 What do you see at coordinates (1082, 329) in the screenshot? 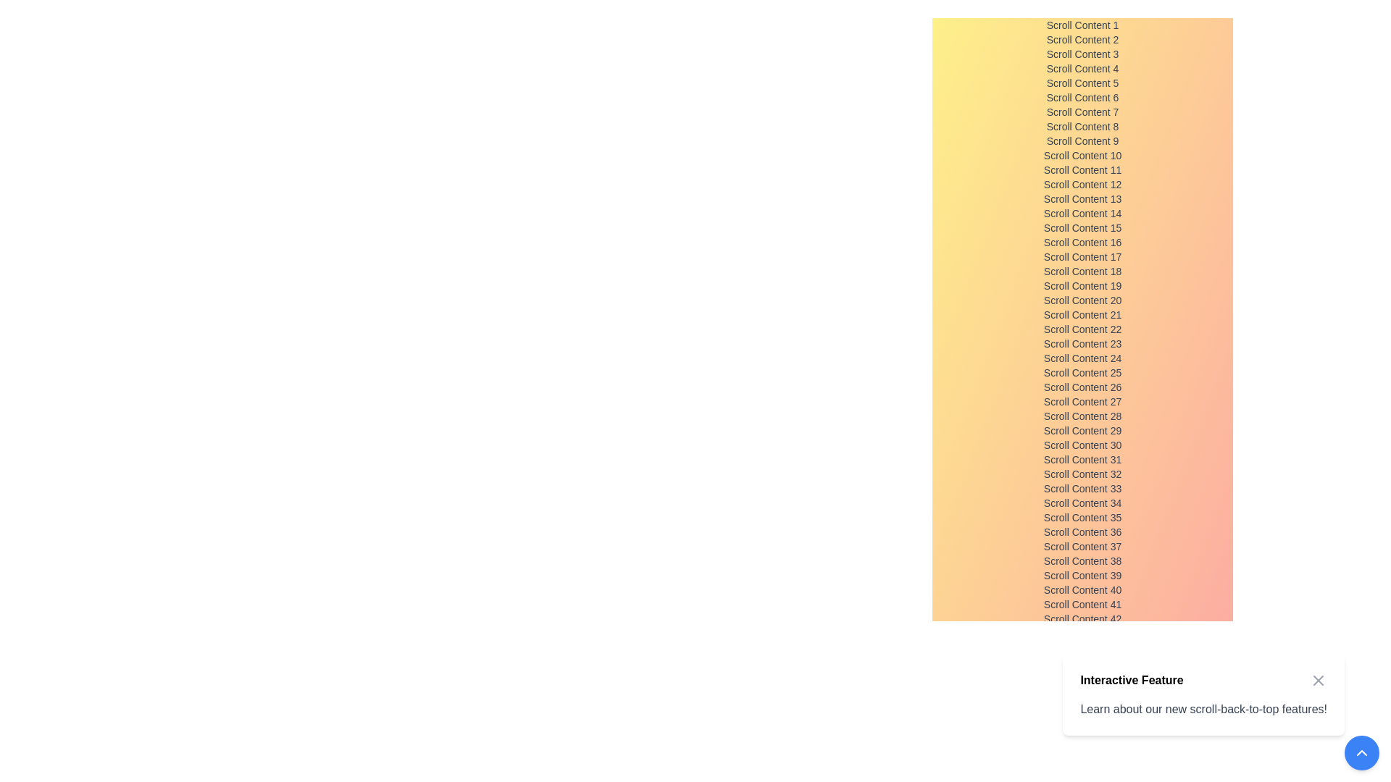
I see `the text label displaying 'Scroll Content 22', which is the 22nd item in a vertically scrollable list` at bounding box center [1082, 329].